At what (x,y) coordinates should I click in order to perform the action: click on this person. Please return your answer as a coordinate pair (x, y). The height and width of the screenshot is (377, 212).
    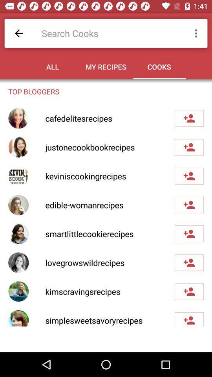
    Looking at the image, I should click on (189, 204).